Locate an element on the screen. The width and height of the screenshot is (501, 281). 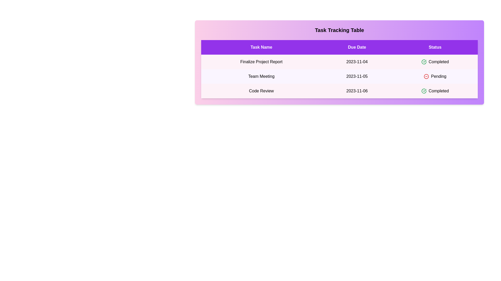
the text 'Pending' in the table cell is located at coordinates (435, 76).